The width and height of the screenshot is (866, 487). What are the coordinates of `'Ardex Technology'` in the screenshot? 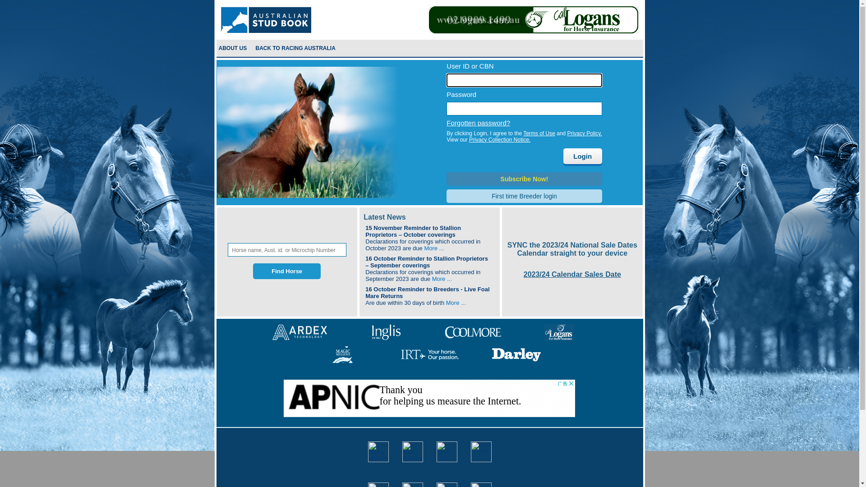 It's located at (299, 332).